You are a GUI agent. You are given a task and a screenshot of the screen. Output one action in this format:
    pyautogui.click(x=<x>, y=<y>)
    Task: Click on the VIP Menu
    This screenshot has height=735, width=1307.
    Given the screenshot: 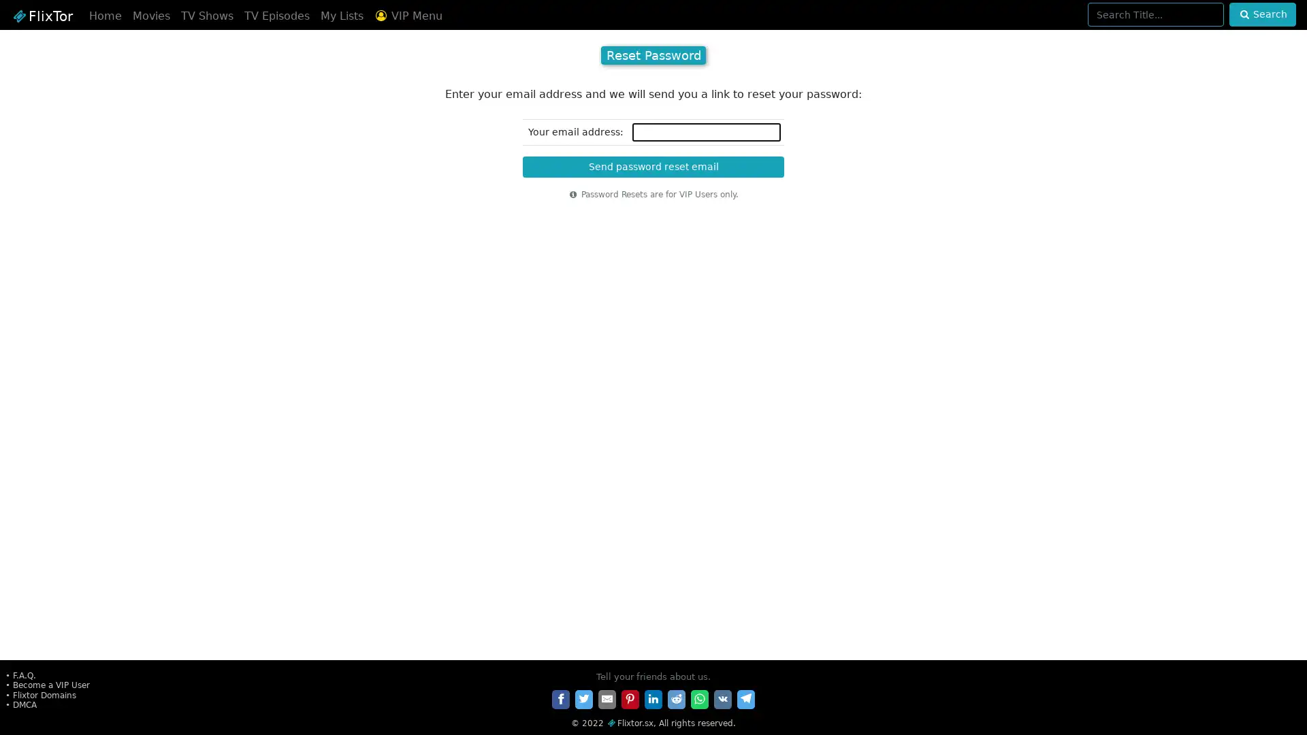 What is the action you would take?
    pyautogui.click(x=407, y=16)
    